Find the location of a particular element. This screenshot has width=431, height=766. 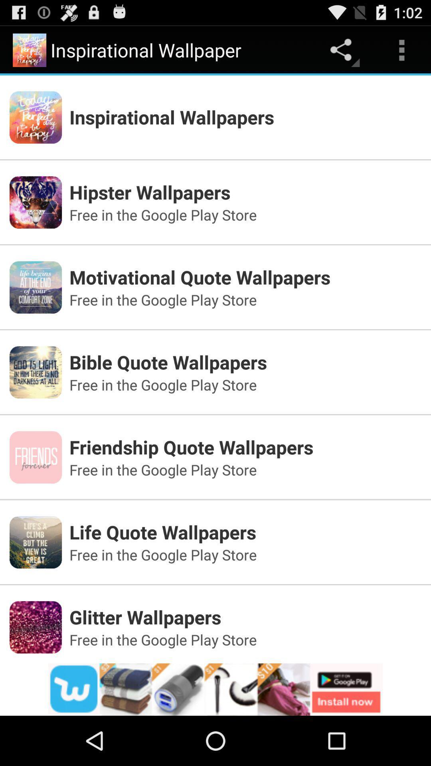

its an advertisement is located at coordinates (215, 689).